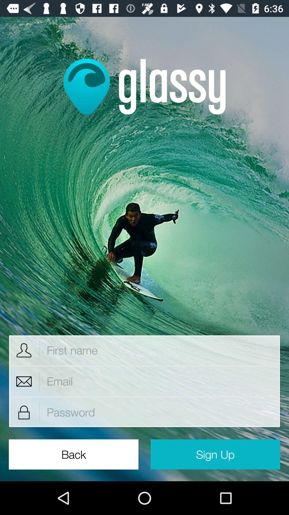 The image size is (289, 515). I want to click on sign up item, so click(215, 454).